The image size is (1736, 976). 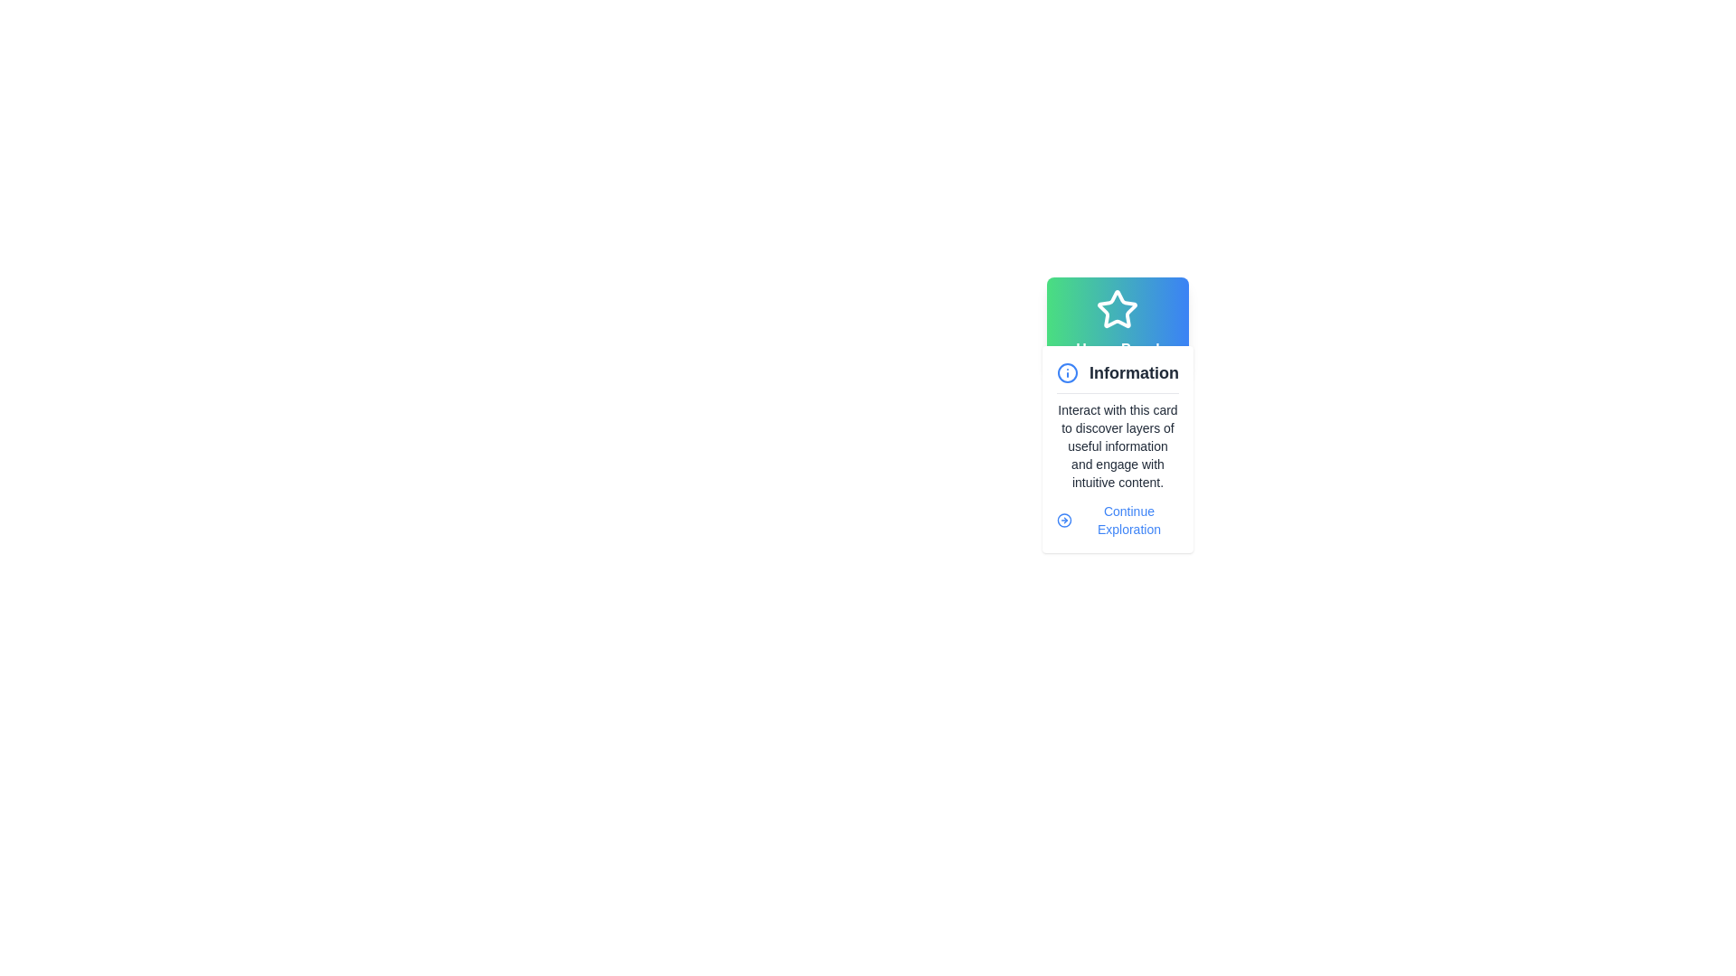 What do you see at coordinates (1117, 323) in the screenshot?
I see `the rectangular card with a gradient background transitioning from green to blue, featuring a white outline of a star icon and the text 'Hover Panel' written in bold font` at bounding box center [1117, 323].